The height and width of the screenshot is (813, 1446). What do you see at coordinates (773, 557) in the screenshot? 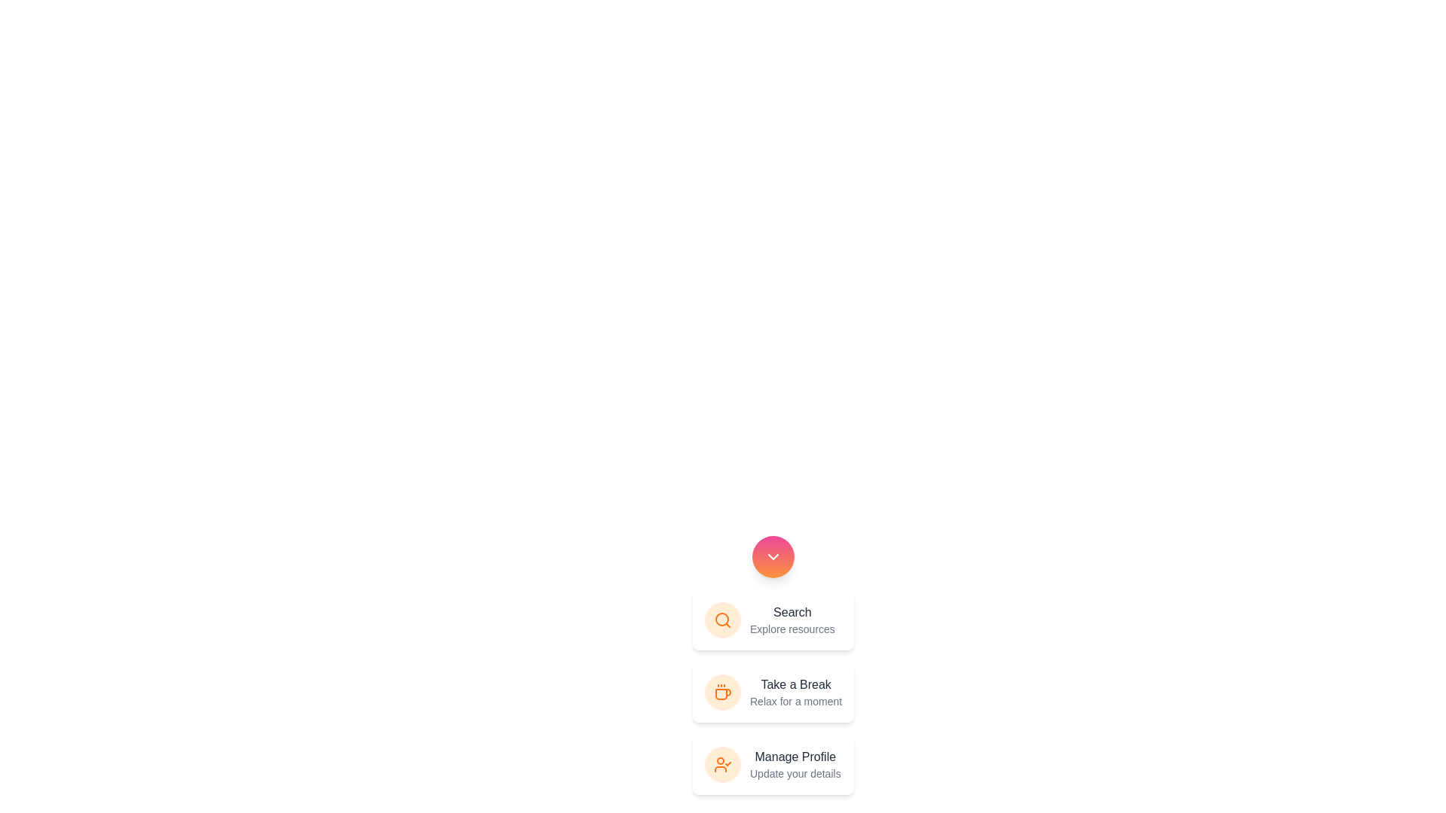
I see `the circular button to toggle the visibility of the menu` at bounding box center [773, 557].